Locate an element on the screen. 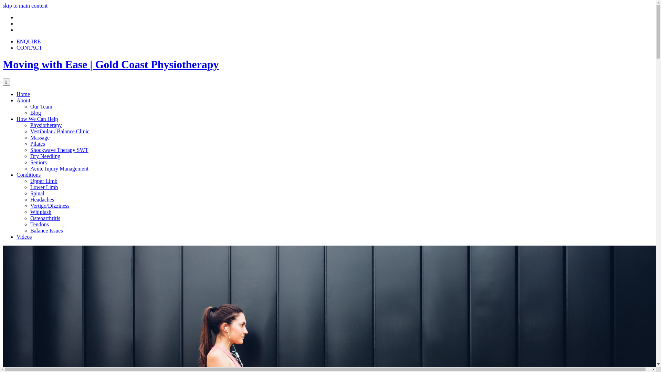 The width and height of the screenshot is (661, 372). 'Dry Needling' is located at coordinates (45, 156).